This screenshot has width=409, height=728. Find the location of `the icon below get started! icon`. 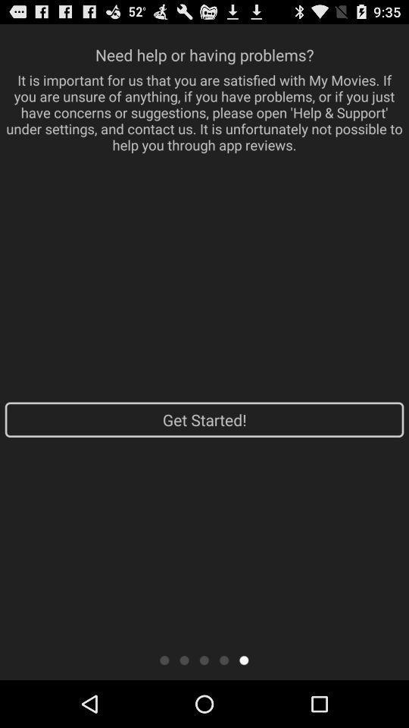

the icon below get started! icon is located at coordinates (223, 659).